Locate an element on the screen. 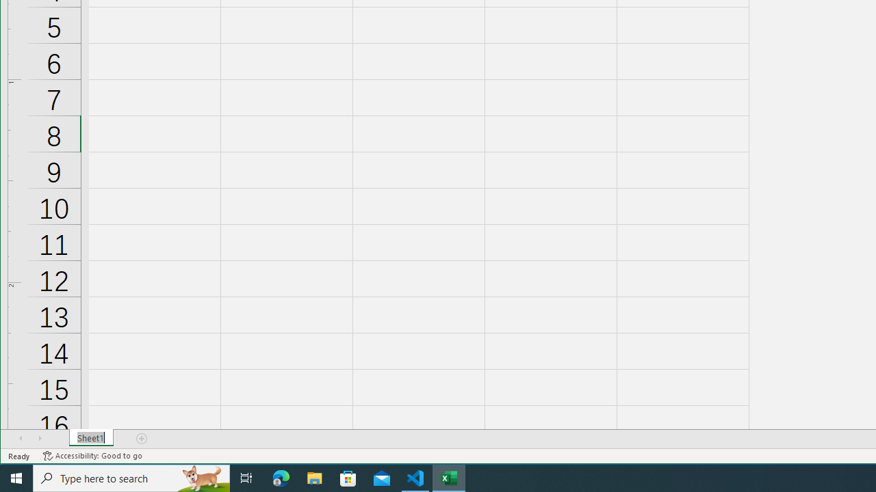 Image resolution: width=876 pixels, height=492 pixels. 'Visual Studio Code - 1 running window' is located at coordinates (415, 477).